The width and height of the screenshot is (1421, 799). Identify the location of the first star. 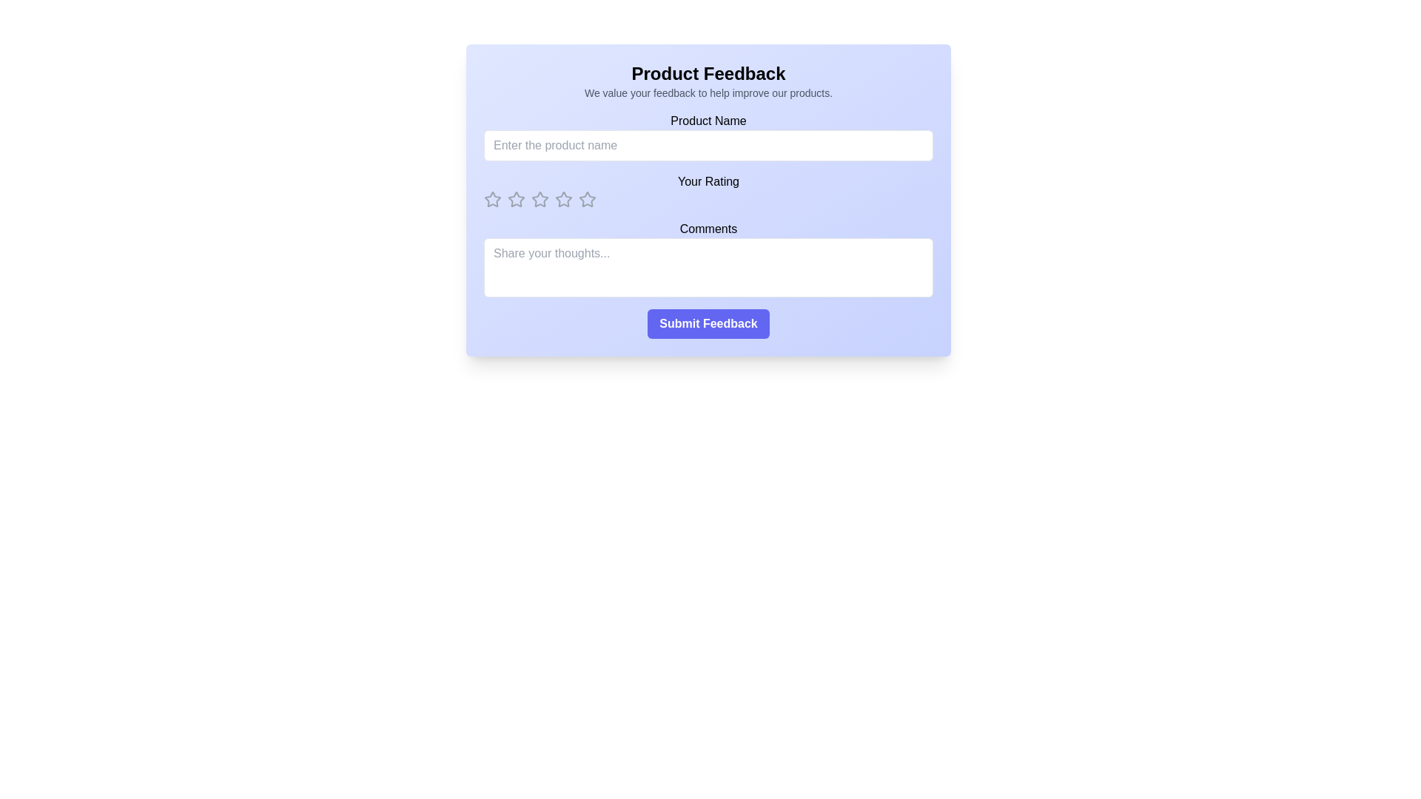
(493, 200).